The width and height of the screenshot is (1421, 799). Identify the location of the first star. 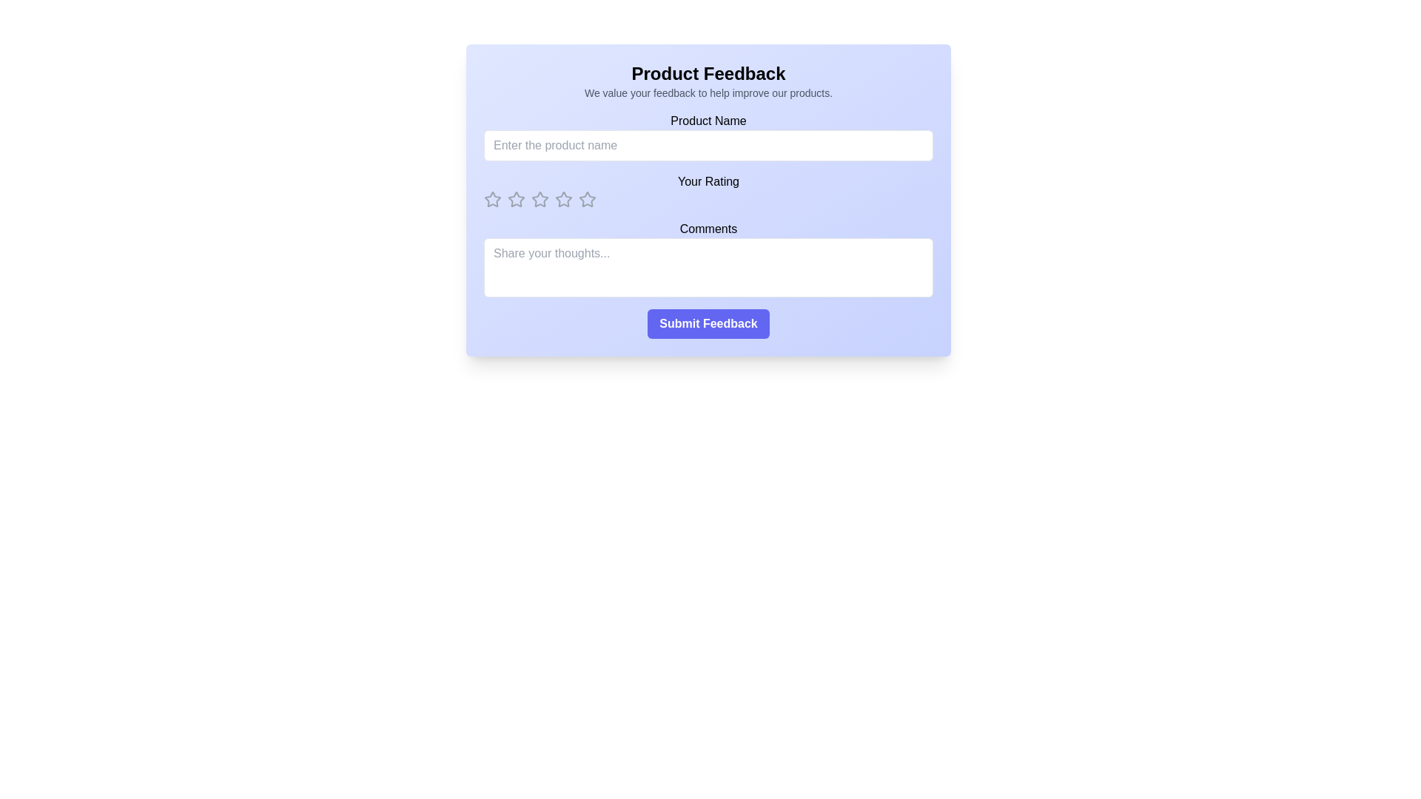
(493, 200).